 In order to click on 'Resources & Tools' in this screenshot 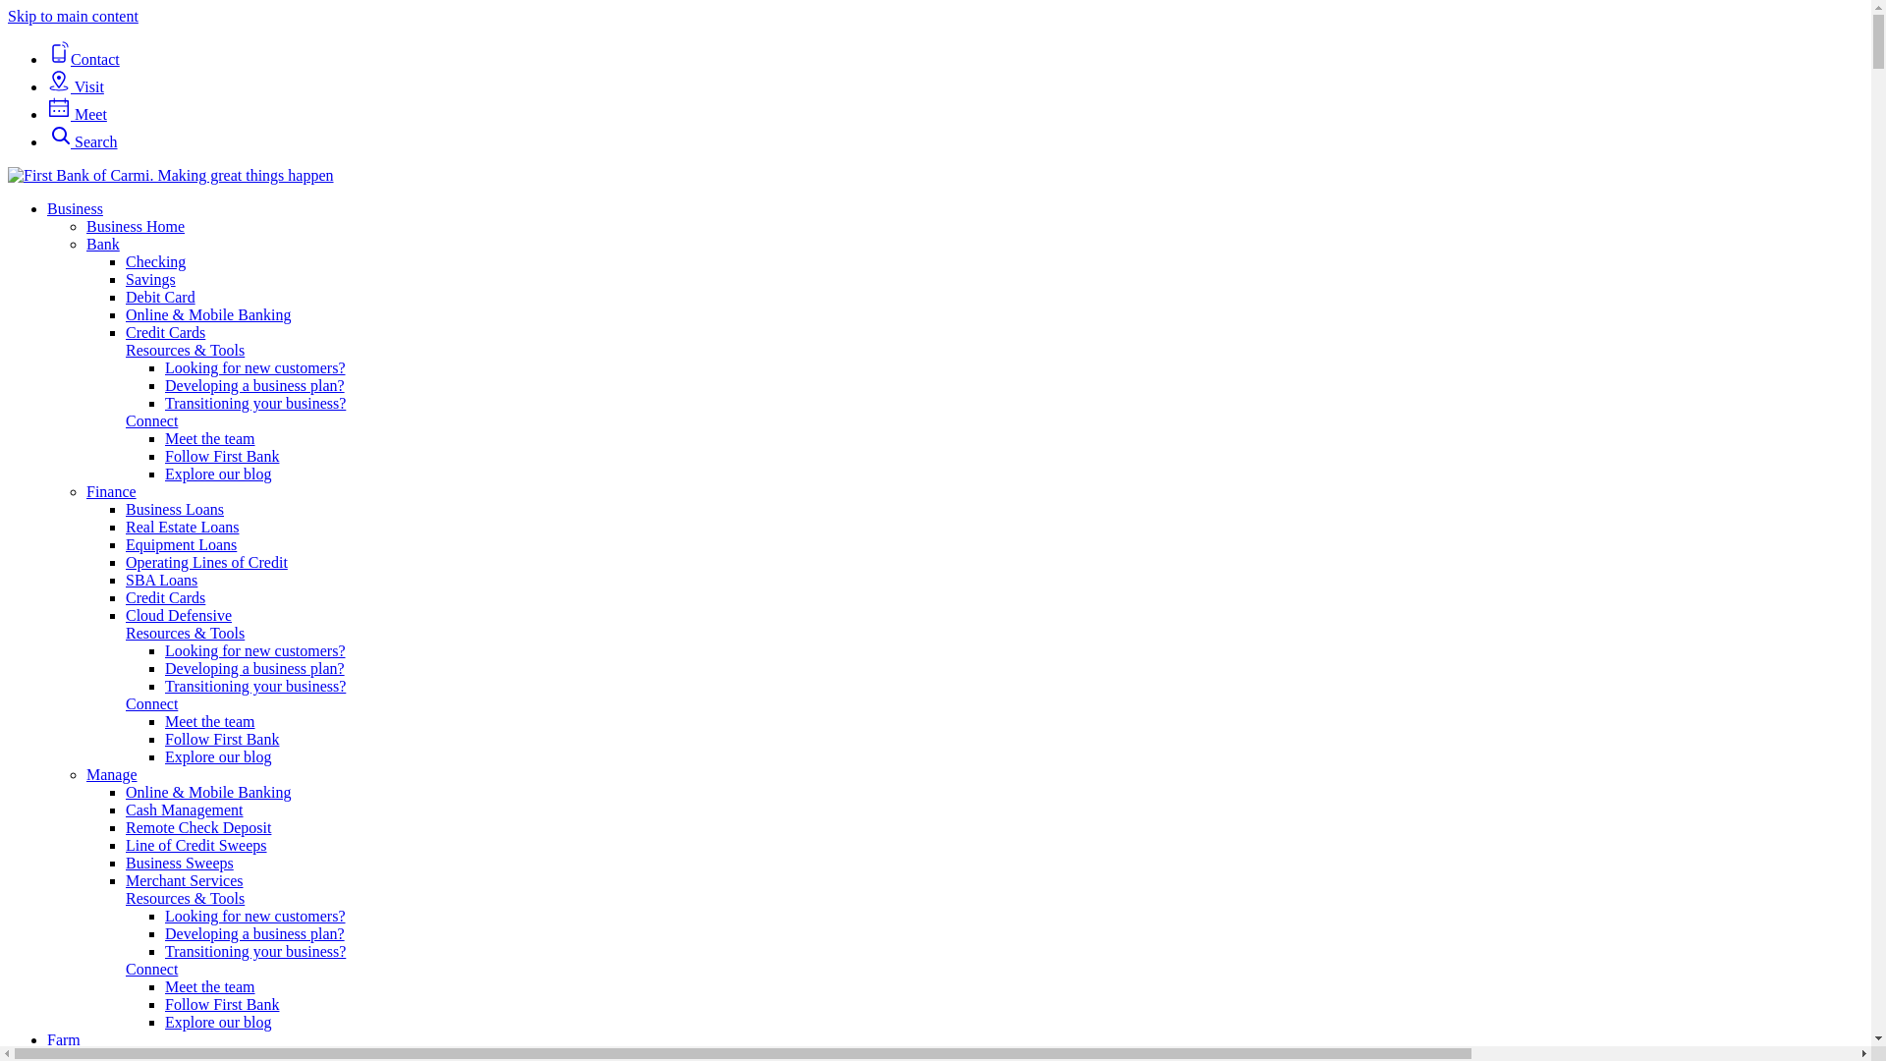, I will do `click(185, 633)`.